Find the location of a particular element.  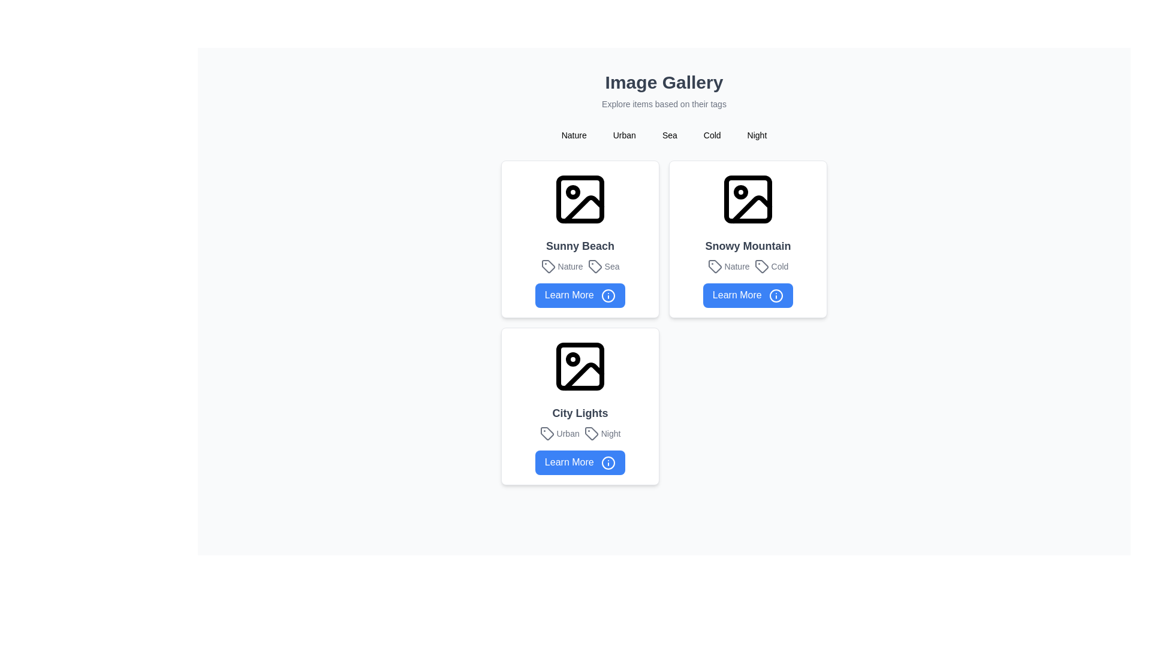

the 'Cold' tag with icon in the metadata section of the 'Snowy Mountain' card for more details is located at coordinates (771, 265).